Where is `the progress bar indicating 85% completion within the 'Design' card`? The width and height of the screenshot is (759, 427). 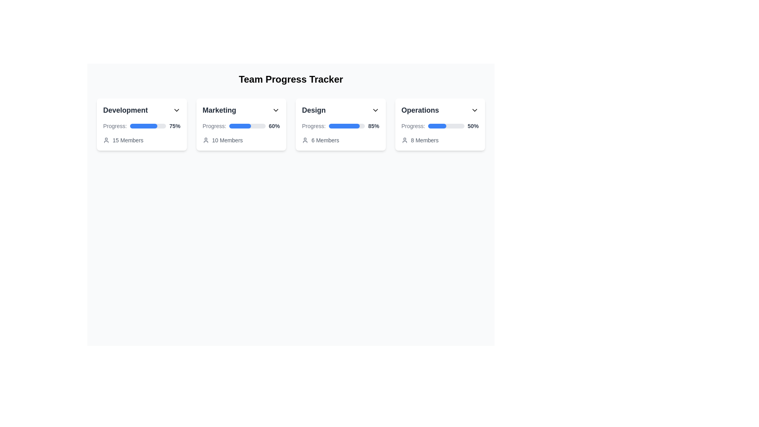 the progress bar indicating 85% completion within the 'Design' card is located at coordinates (344, 126).